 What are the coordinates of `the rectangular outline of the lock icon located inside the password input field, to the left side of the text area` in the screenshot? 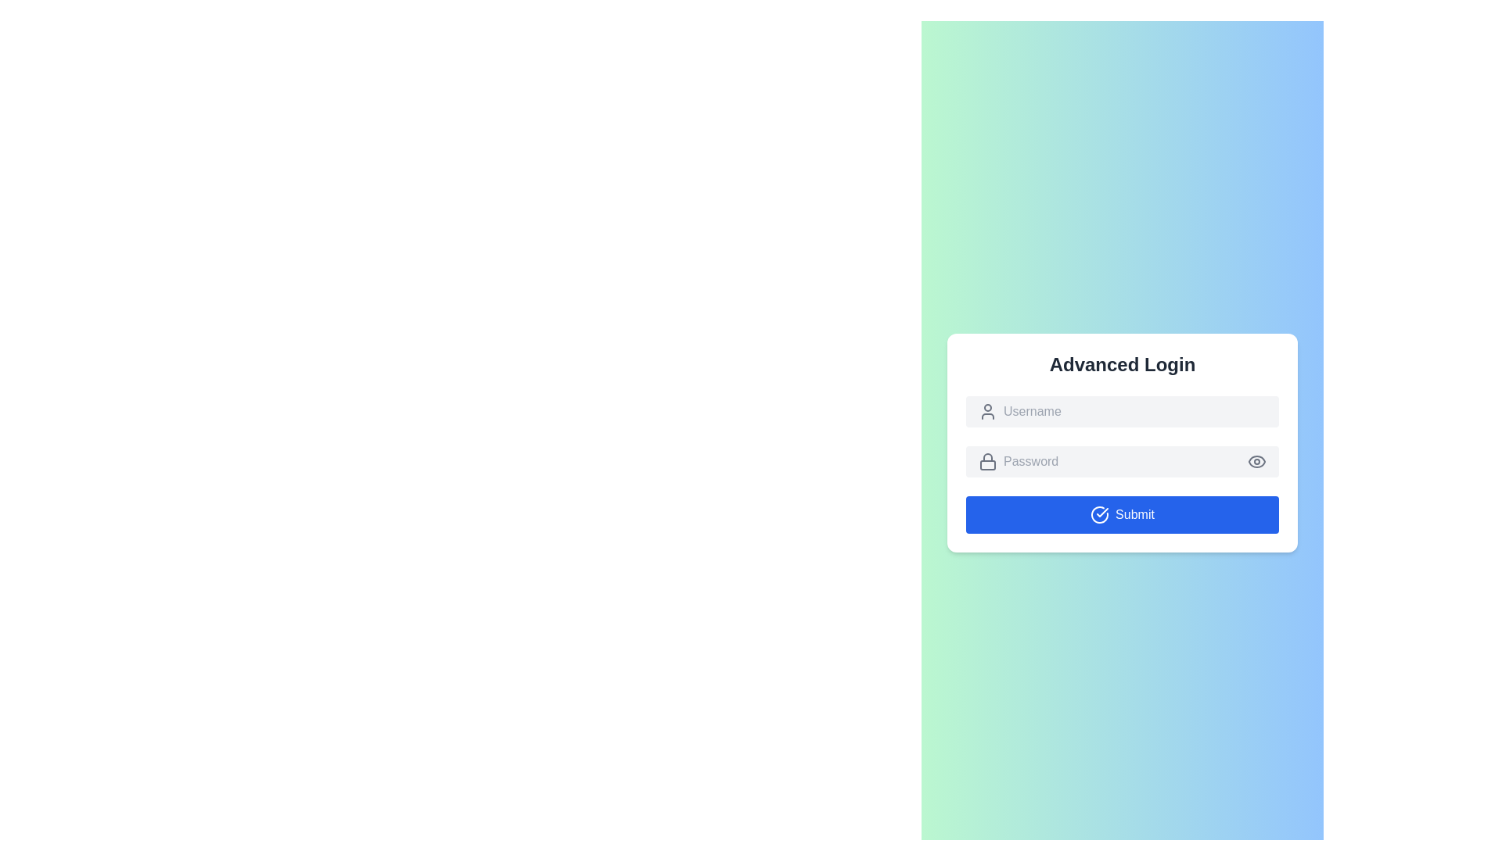 It's located at (986, 464).